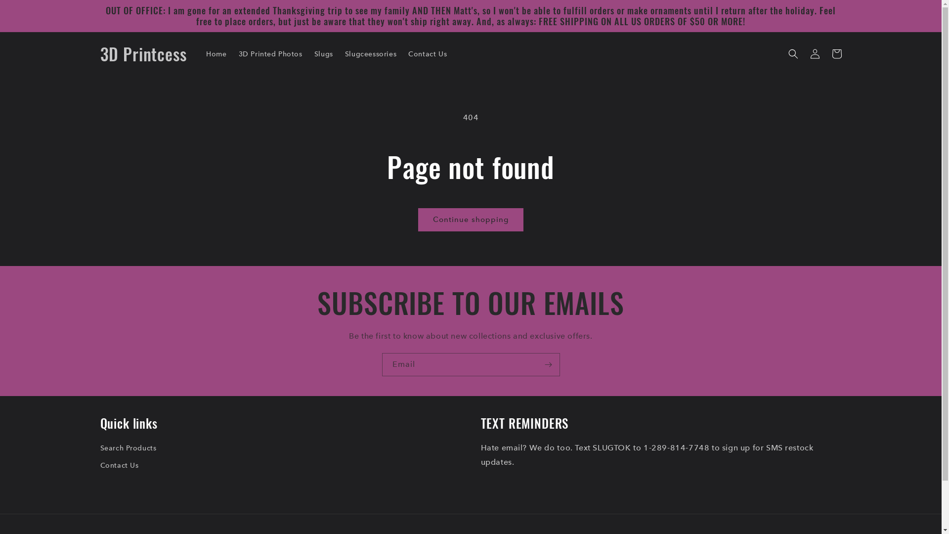 This screenshot has height=534, width=949. What do you see at coordinates (814, 53) in the screenshot?
I see `'Log in'` at bounding box center [814, 53].